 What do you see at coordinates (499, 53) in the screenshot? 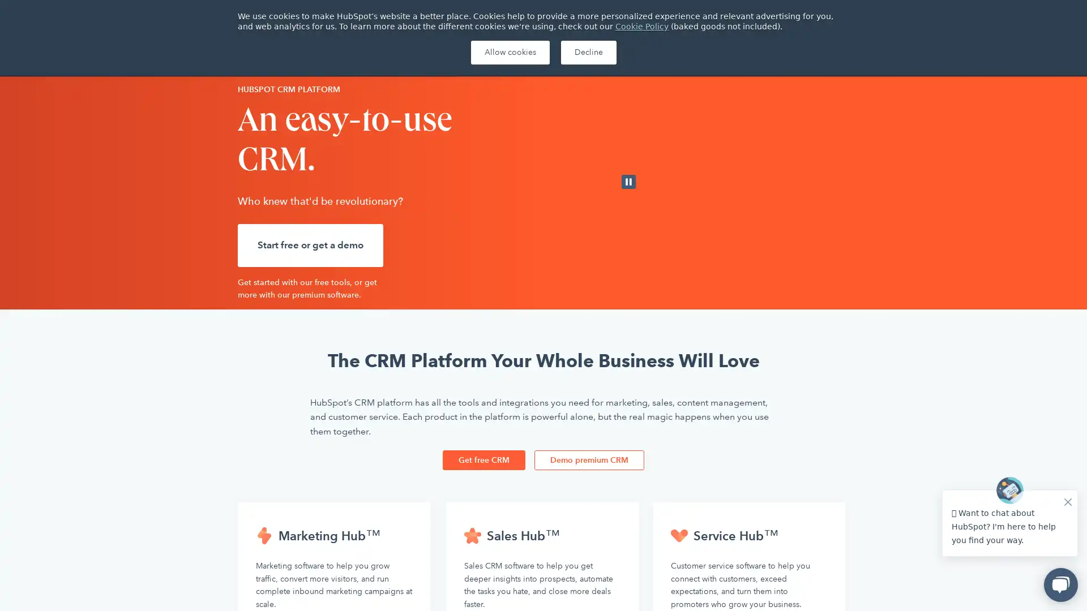
I see `Resources` at bounding box center [499, 53].